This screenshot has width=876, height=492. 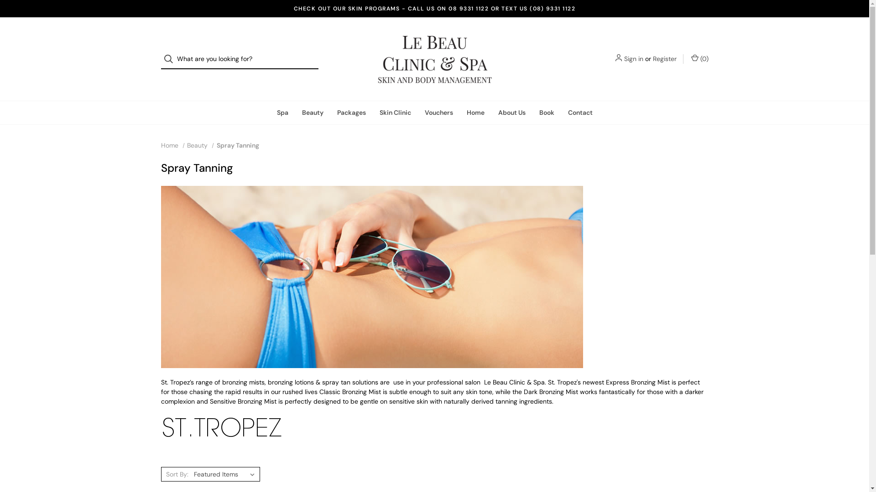 What do you see at coordinates (490, 112) in the screenshot?
I see `'About Us'` at bounding box center [490, 112].